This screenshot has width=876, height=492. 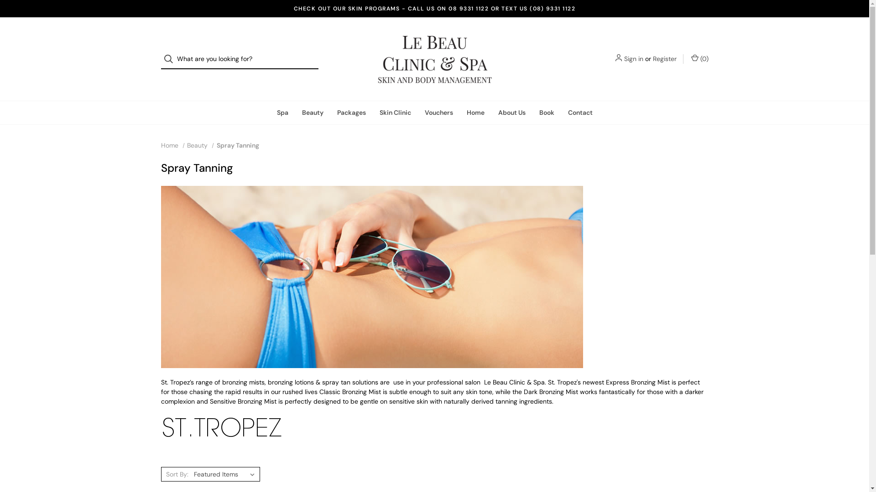 What do you see at coordinates (490, 112) in the screenshot?
I see `'About Us'` at bounding box center [490, 112].